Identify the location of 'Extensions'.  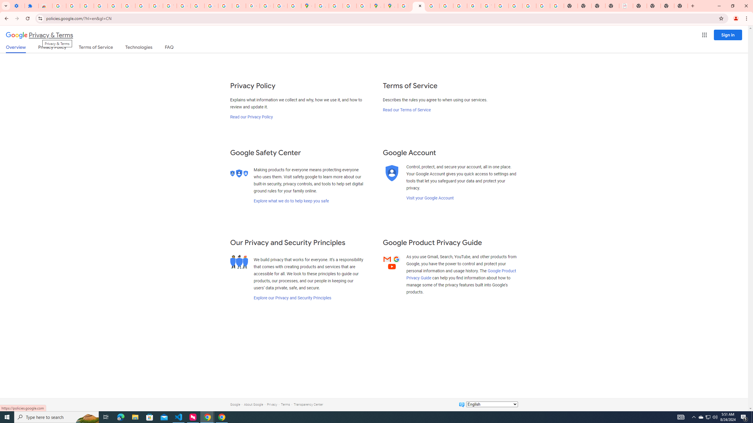
(31, 6).